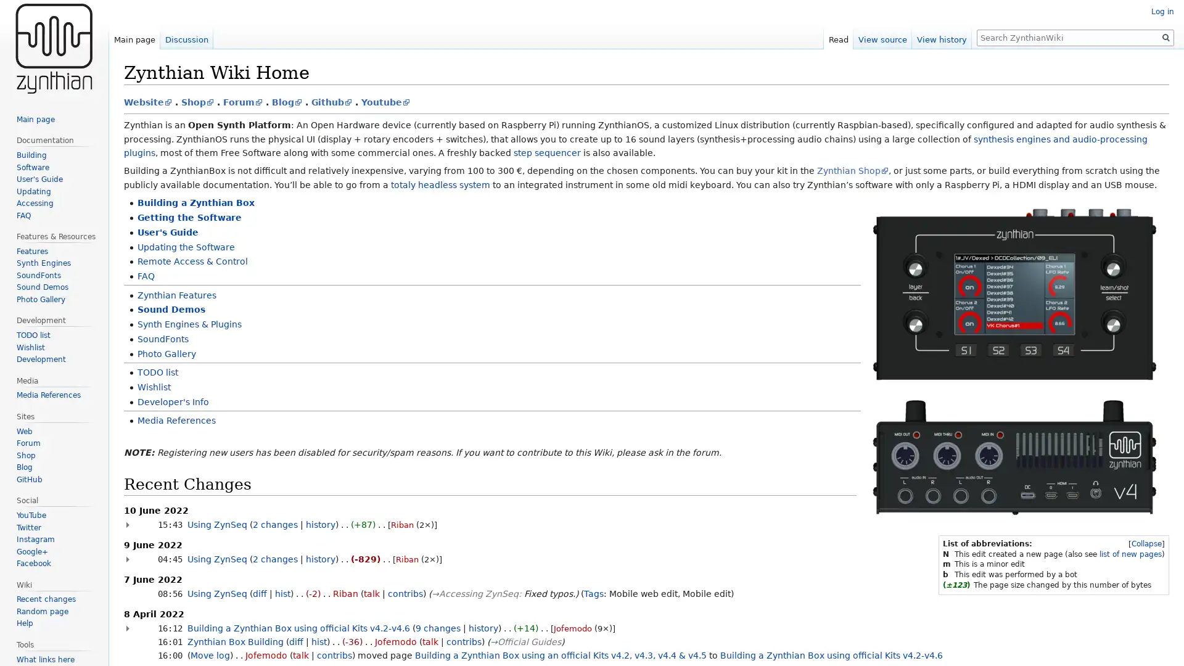 The height and width of the screenshot is (666, 1184). What do you see at coordinates (1146, 543) in the screenshot?
I see `[Collapse]` at bounding box center [1146, 543].